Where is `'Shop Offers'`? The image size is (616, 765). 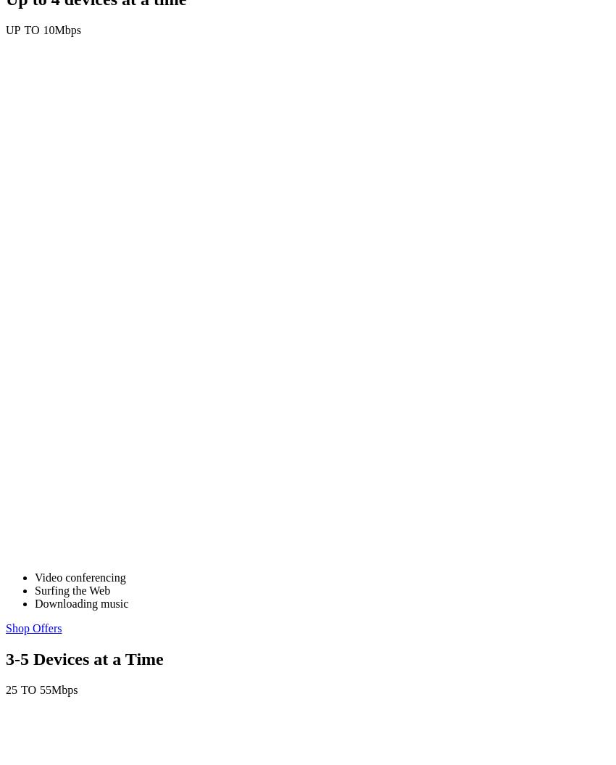
'Shop Offers' is located at coordinates (33, 628).